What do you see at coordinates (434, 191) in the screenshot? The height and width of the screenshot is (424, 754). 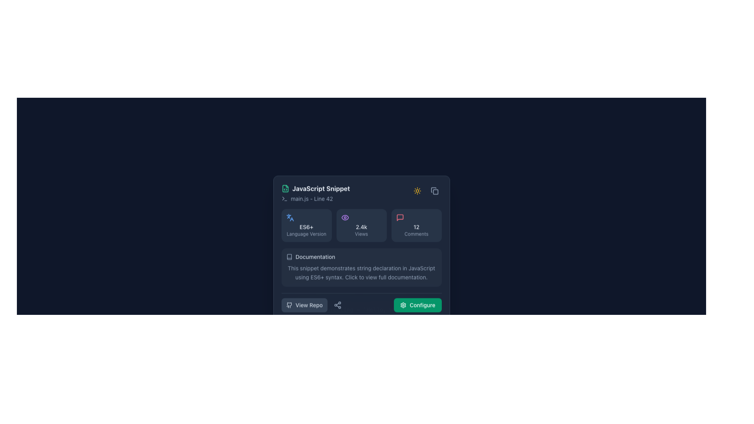 I see `the button located to the right of a sun-like icon` at bounding box center [434, 191].